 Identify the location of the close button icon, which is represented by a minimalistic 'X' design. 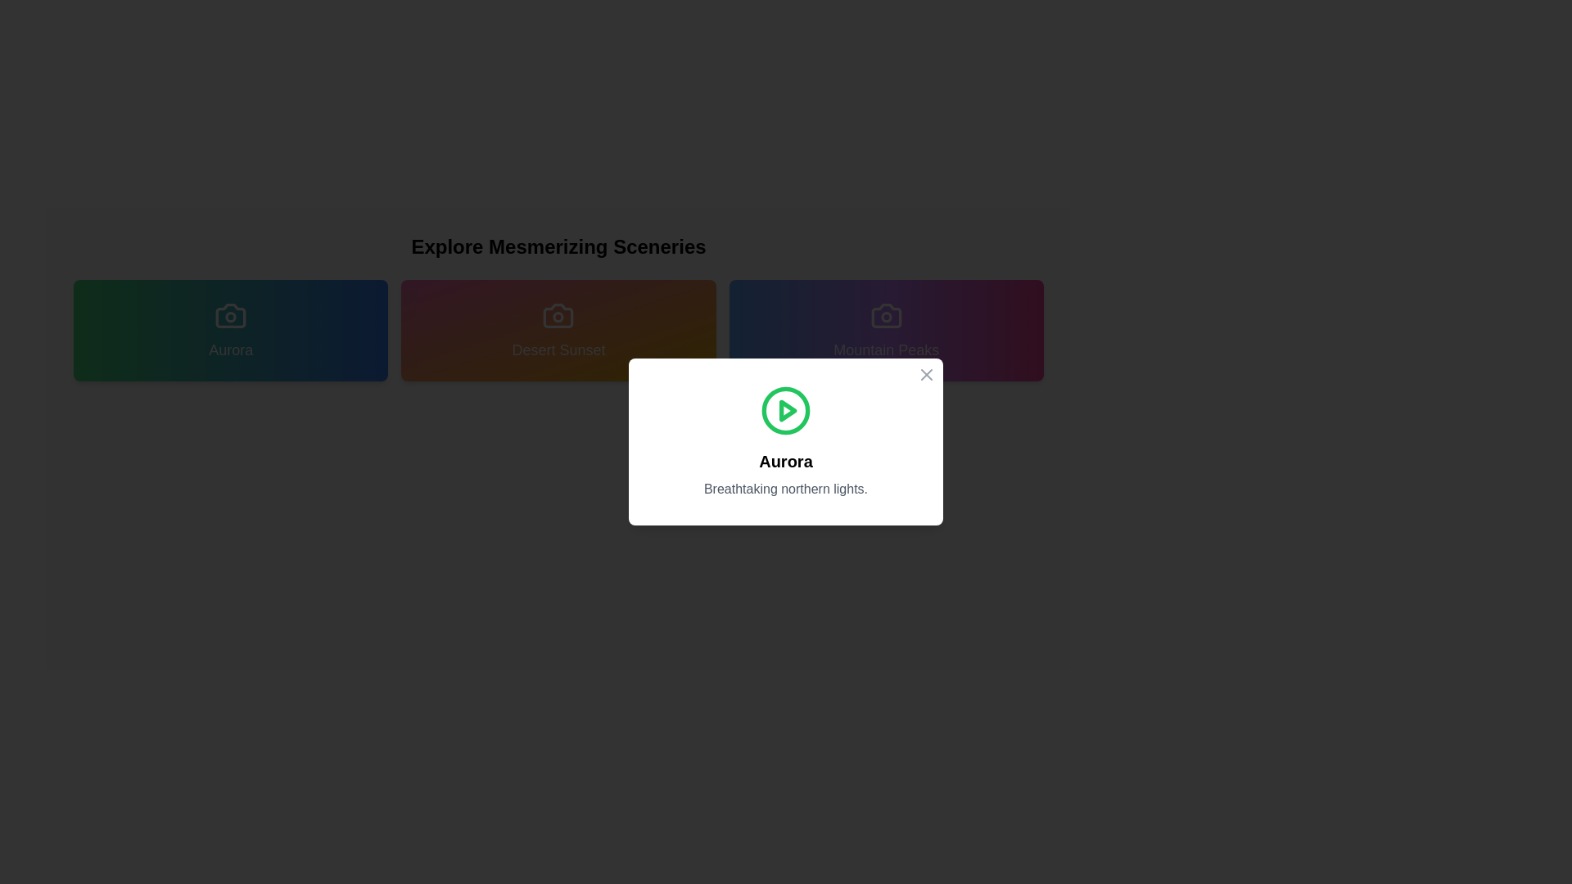
(927, 375).